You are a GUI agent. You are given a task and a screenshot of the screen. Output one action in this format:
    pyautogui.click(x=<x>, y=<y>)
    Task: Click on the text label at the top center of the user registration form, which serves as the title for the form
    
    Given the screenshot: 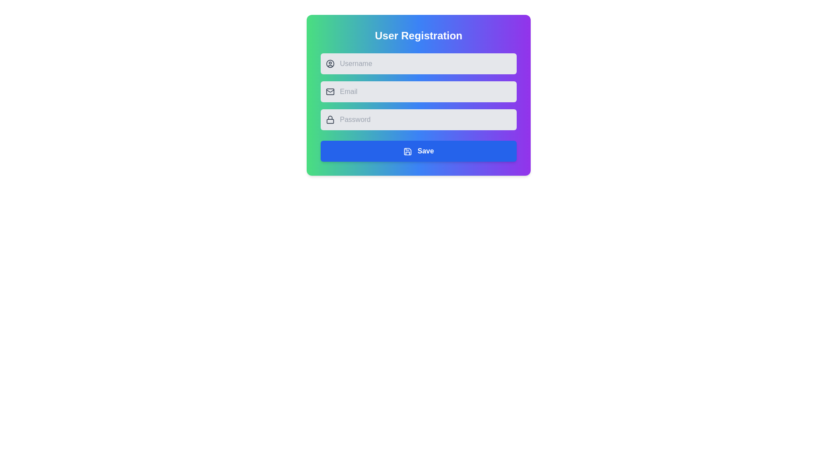 What is the action you would take?
    pyautogui.click(x=418, y=35)
    